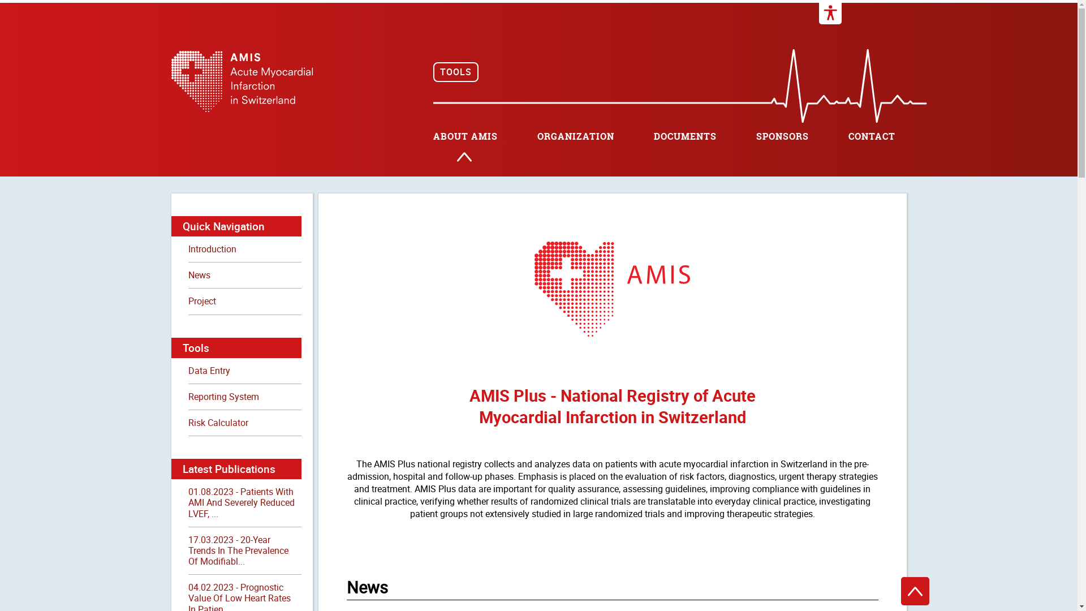 This screenshot has height=611, width=1086. Describe the element at coordinates (465, 136) in the screenshot. I see `'ABOUT AMIS'` at that location.